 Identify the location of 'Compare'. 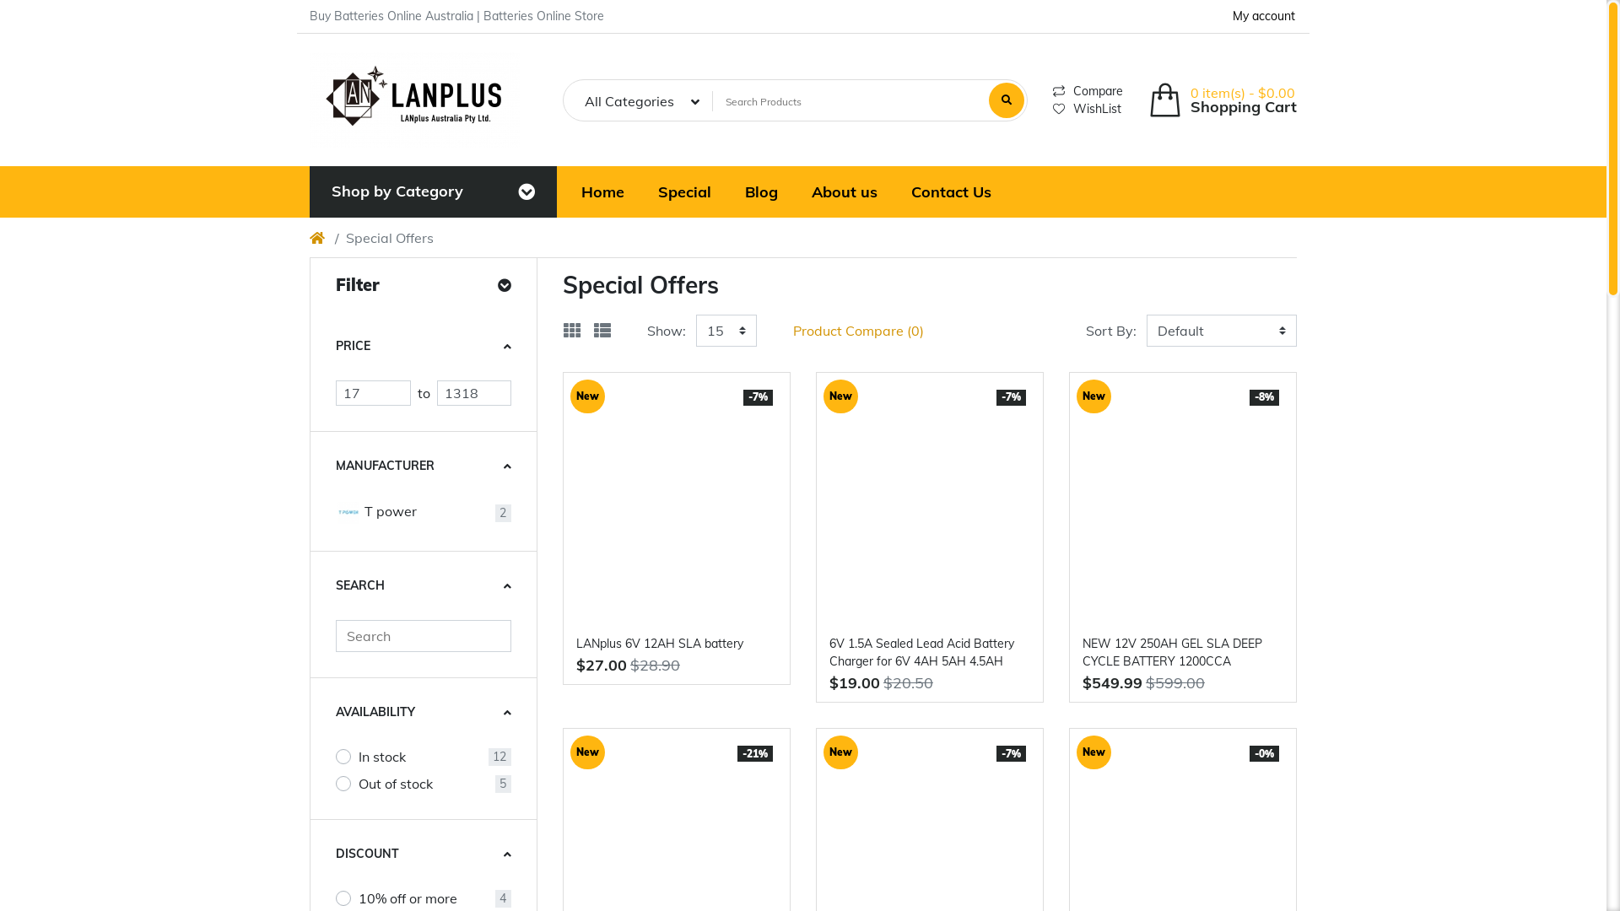
(1057, 91).